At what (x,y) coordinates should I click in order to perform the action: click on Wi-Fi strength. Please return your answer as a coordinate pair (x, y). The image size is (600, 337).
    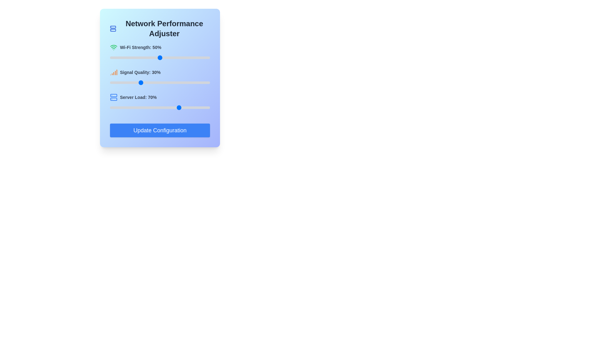
    Looking at the image, I should click on (124, 58).